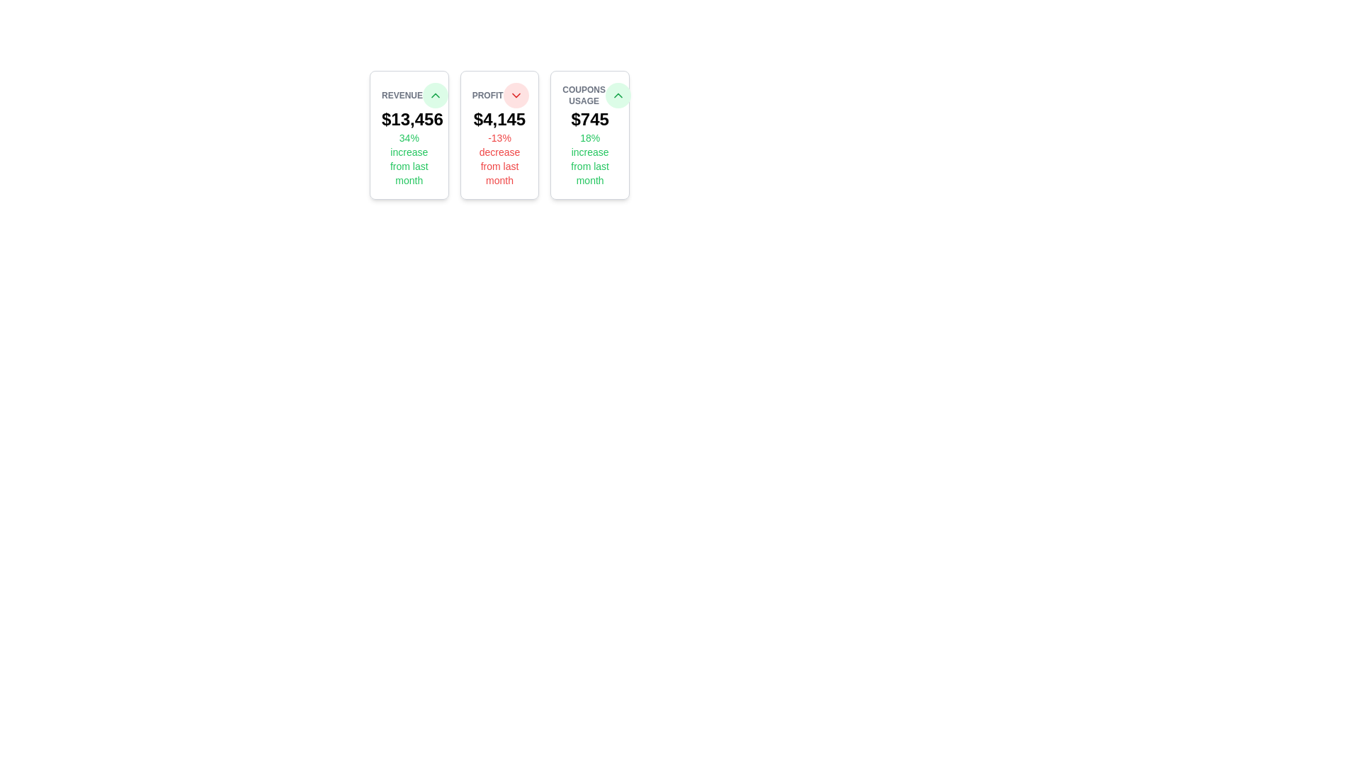 The image size is (1360, 765). Describe the element at coordinates (618, 96) in the screenshot. I see `the circular green Icon button with a dark green chevron-up icon located in the top-right corner of the 'Coupons Usage' card header` at that location.